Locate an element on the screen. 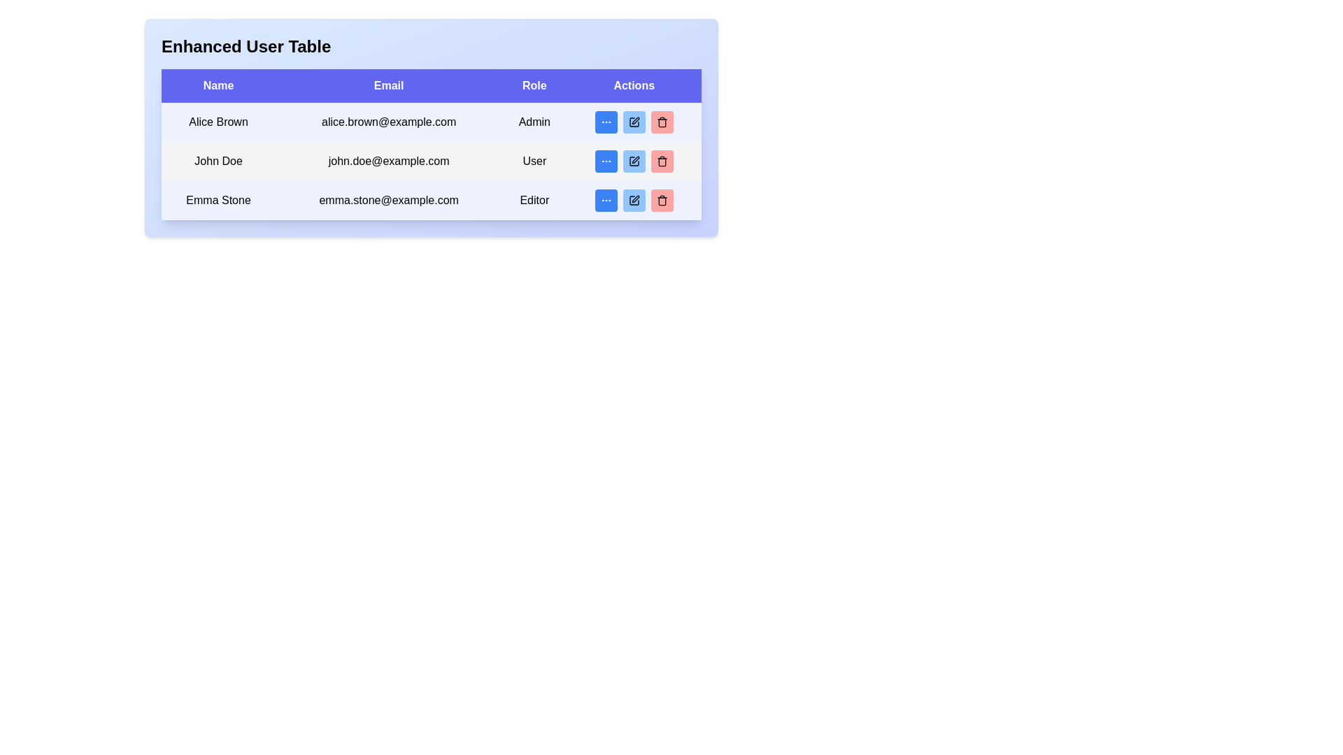  the ellipsis menu button located under the 'Actions' column in the third row of the user table, aligned with the user 'Emma Stone' is located at coordinates (606, 200).